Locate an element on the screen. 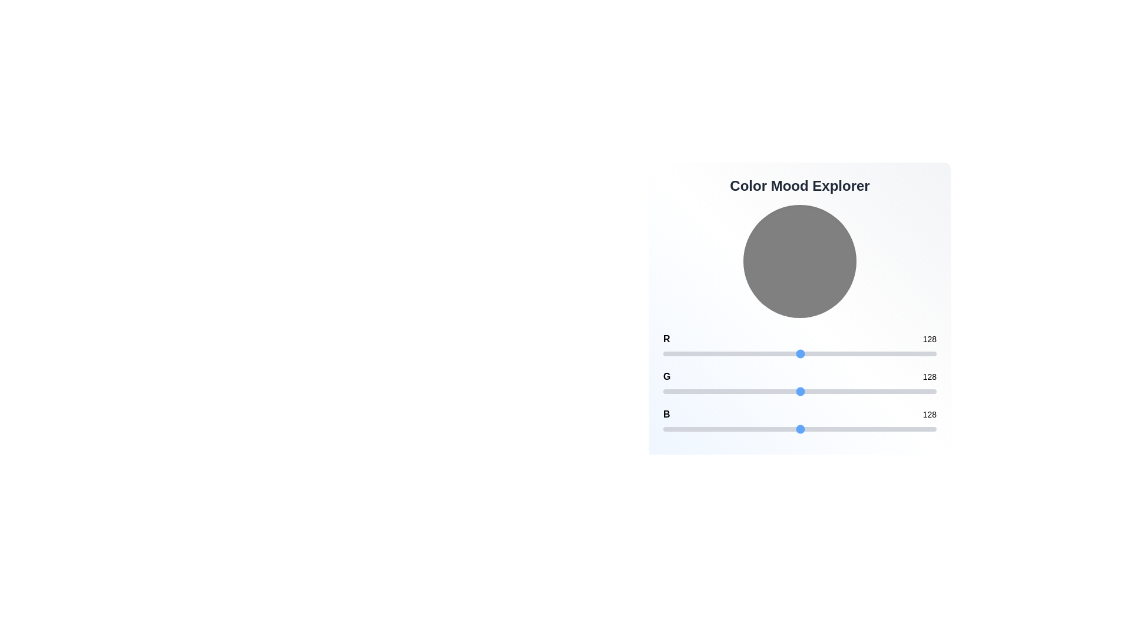 This screenshot has height=636, width=1131. the green color channel slider to 242 is located at coordinates (922, 391).